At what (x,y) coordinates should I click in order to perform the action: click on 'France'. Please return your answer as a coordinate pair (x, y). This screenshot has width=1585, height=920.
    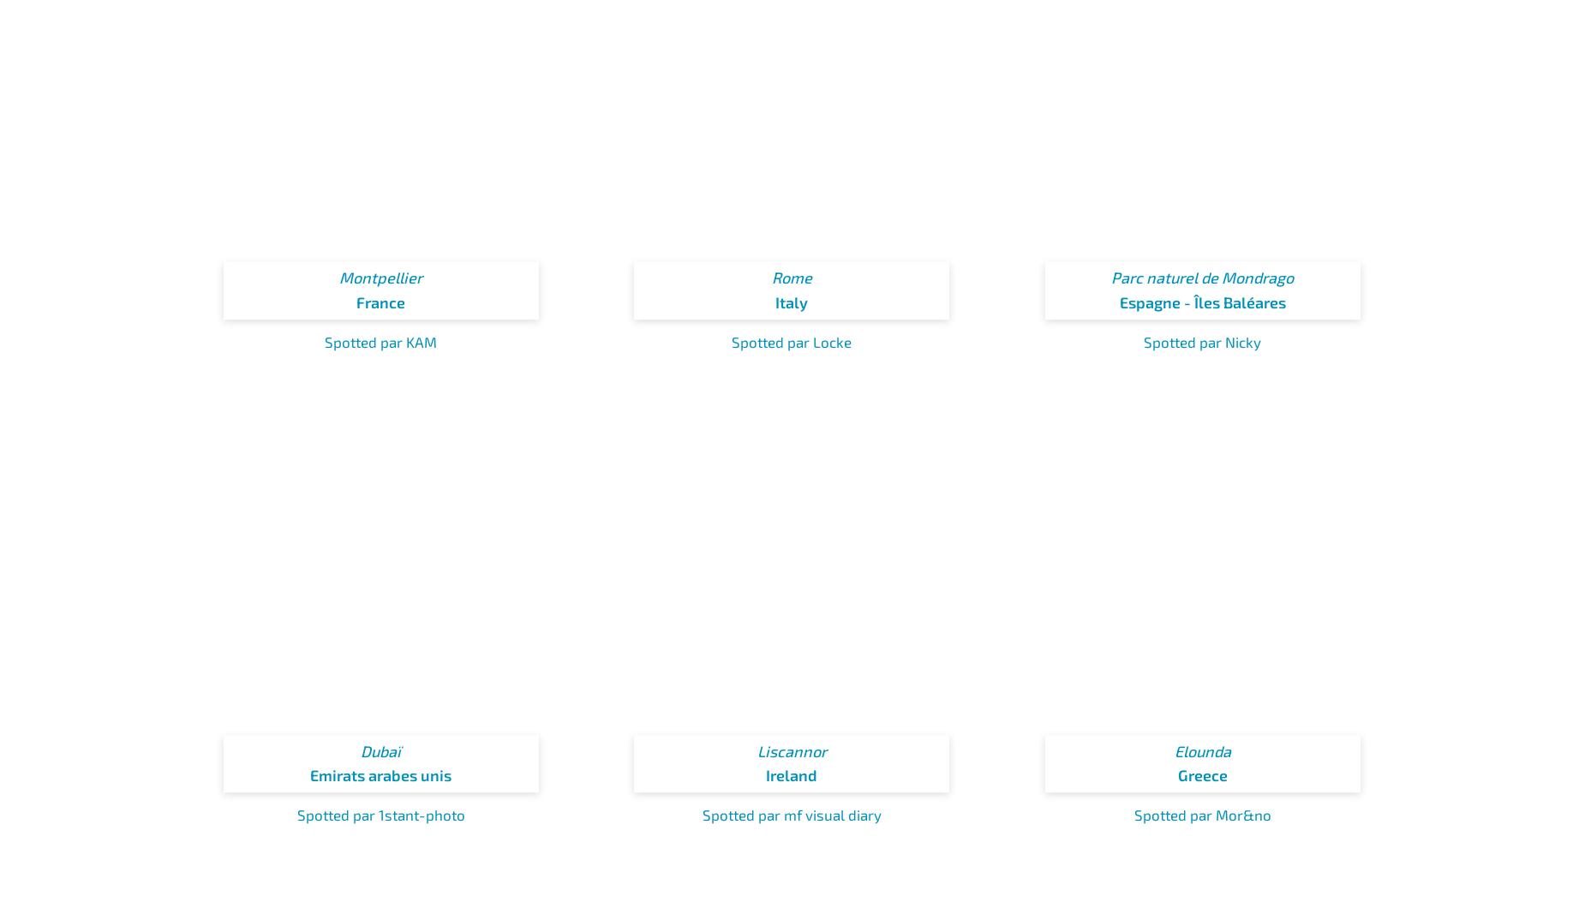
    Looking at the image, I should click on (356, 300).